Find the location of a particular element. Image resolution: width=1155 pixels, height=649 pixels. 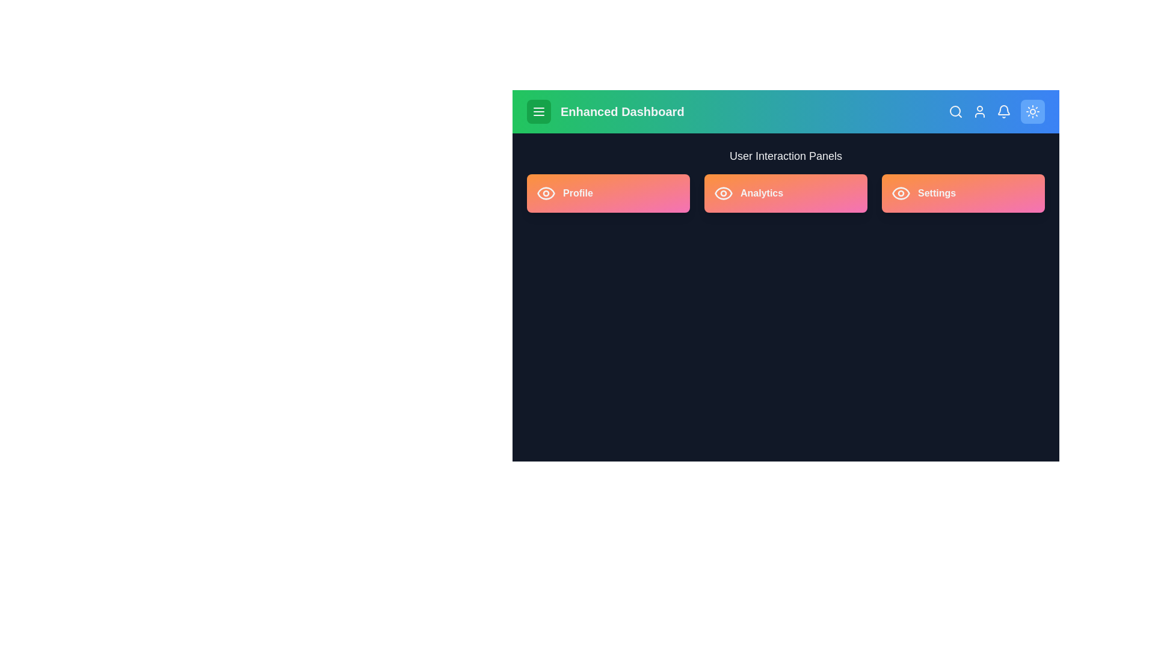

the menu button located in the top-left corner of the app bar is located at coordinates (538, 111).